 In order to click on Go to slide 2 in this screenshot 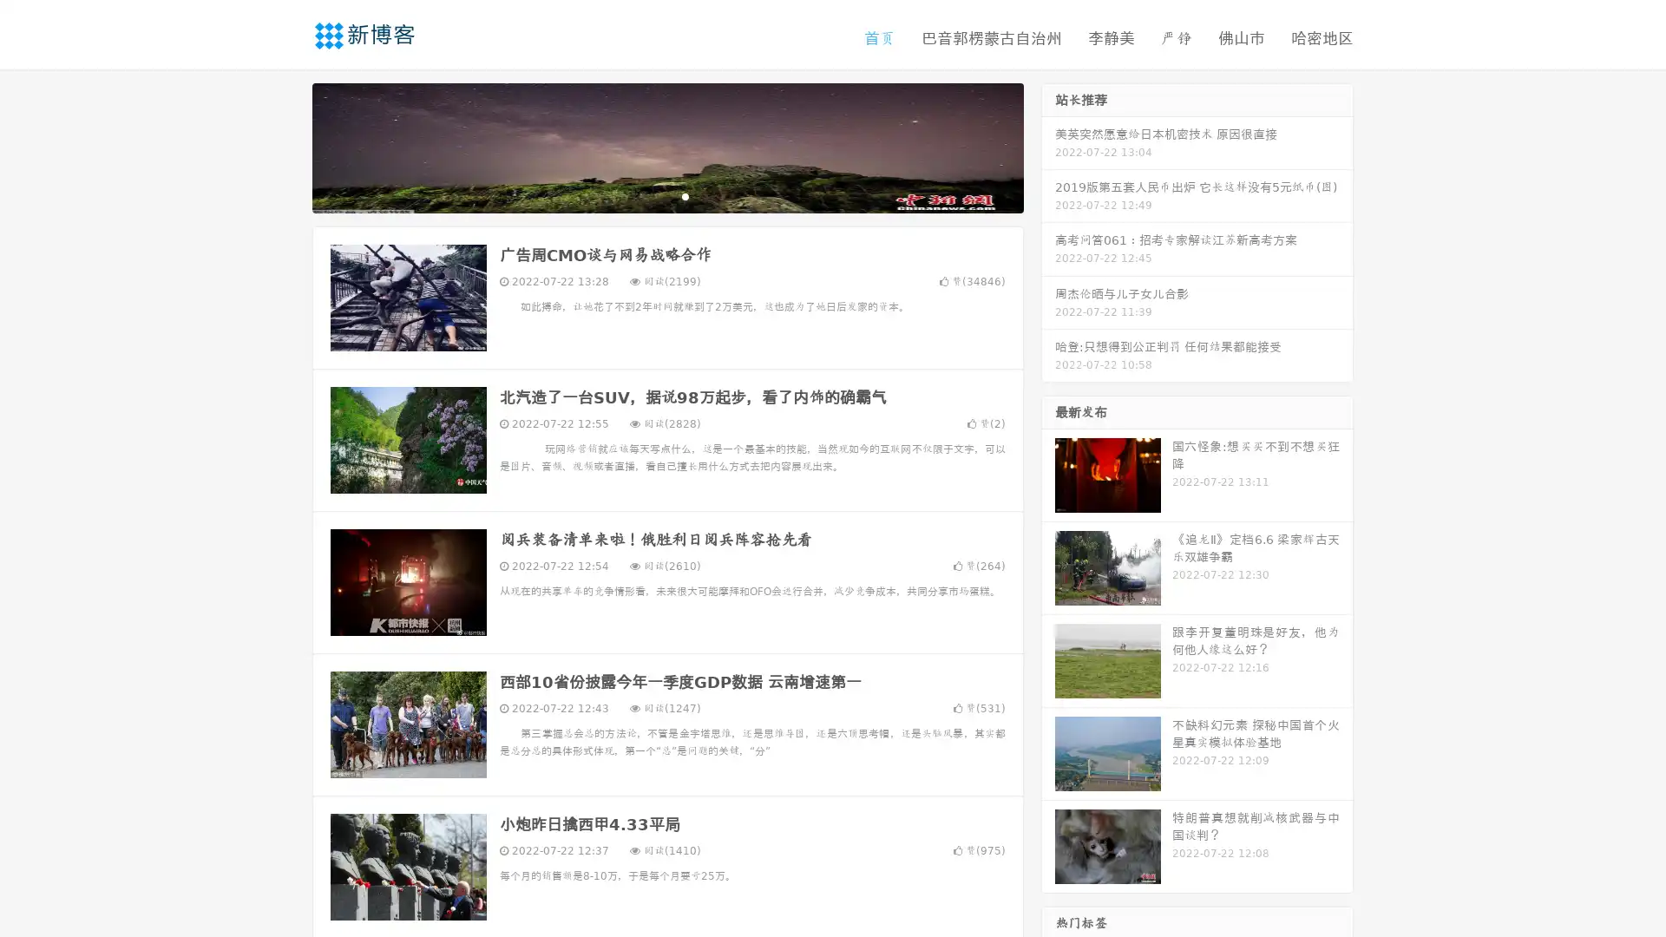, I will do `click(666, 195)`.